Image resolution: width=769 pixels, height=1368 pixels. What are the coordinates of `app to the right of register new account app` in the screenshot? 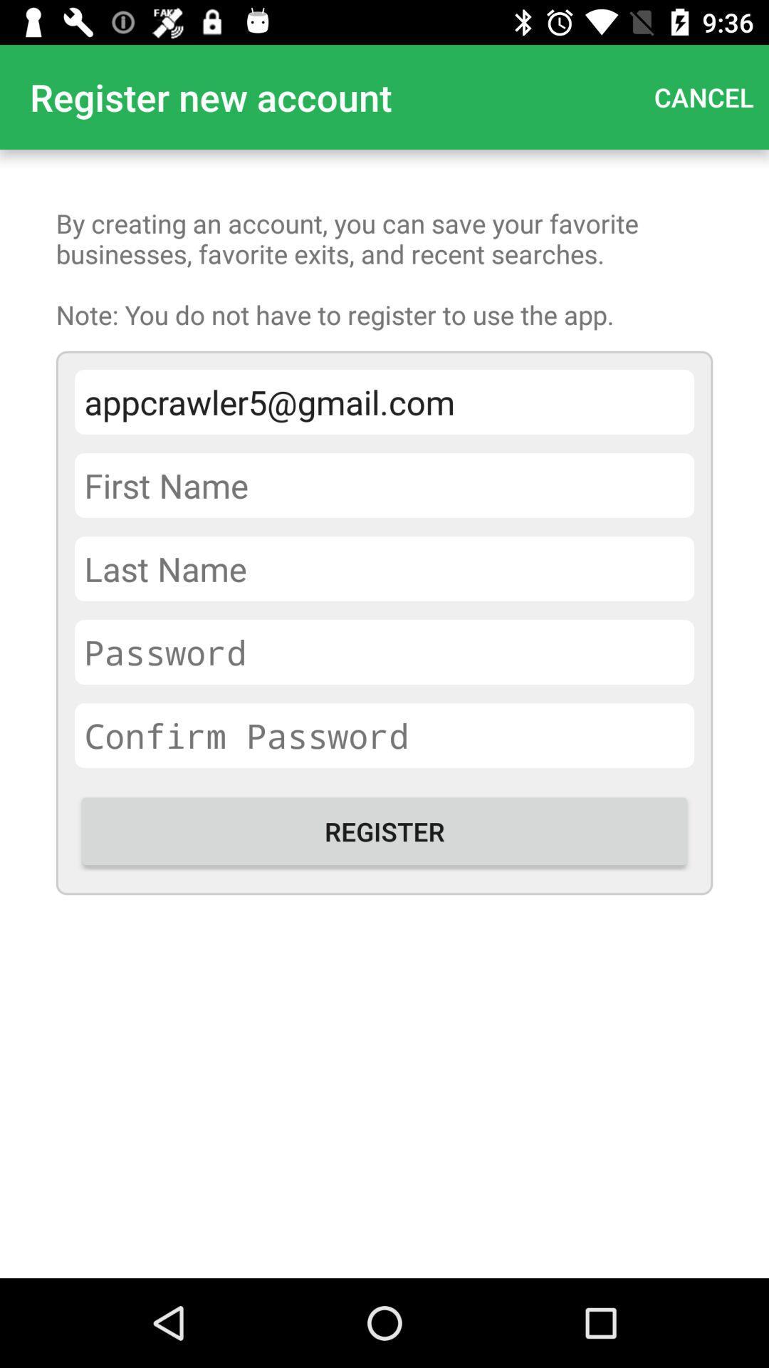 It's located at (703, 96).